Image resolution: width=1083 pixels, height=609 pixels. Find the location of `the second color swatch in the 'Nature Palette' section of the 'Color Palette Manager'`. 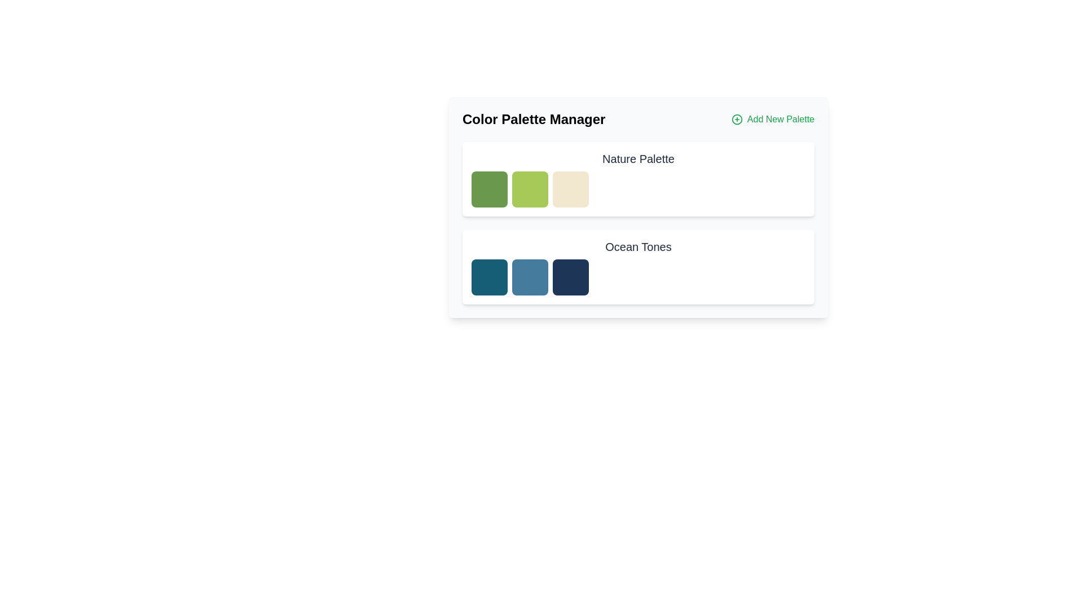

the second color swatch in the 'Nature Palette' section of the 'Color Palette Manager' is located at coordinates (530, 188).